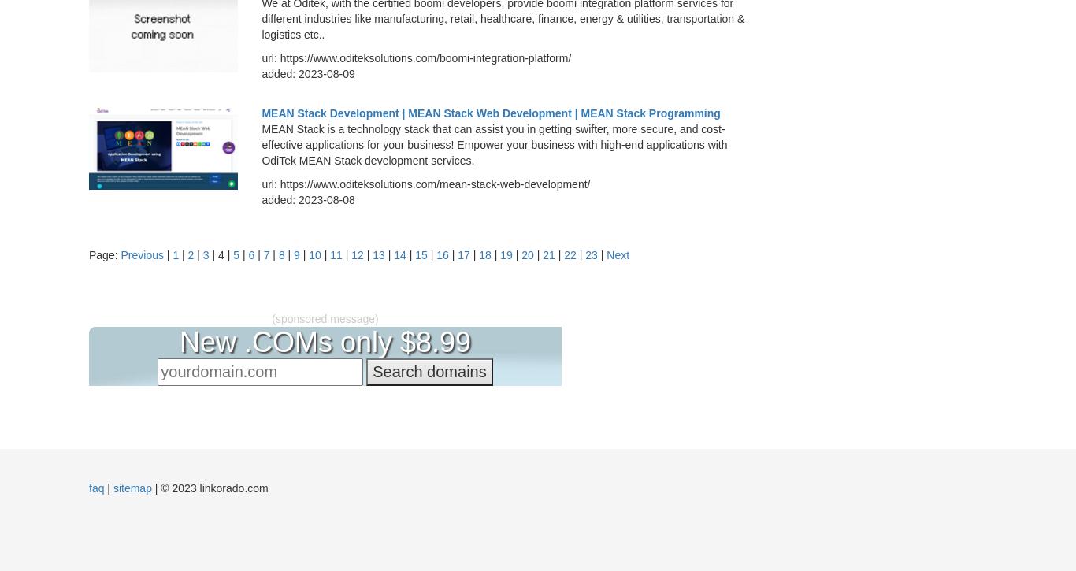  I want to click on '| 
    © 2023 linkorado.com', so click(209, 488).